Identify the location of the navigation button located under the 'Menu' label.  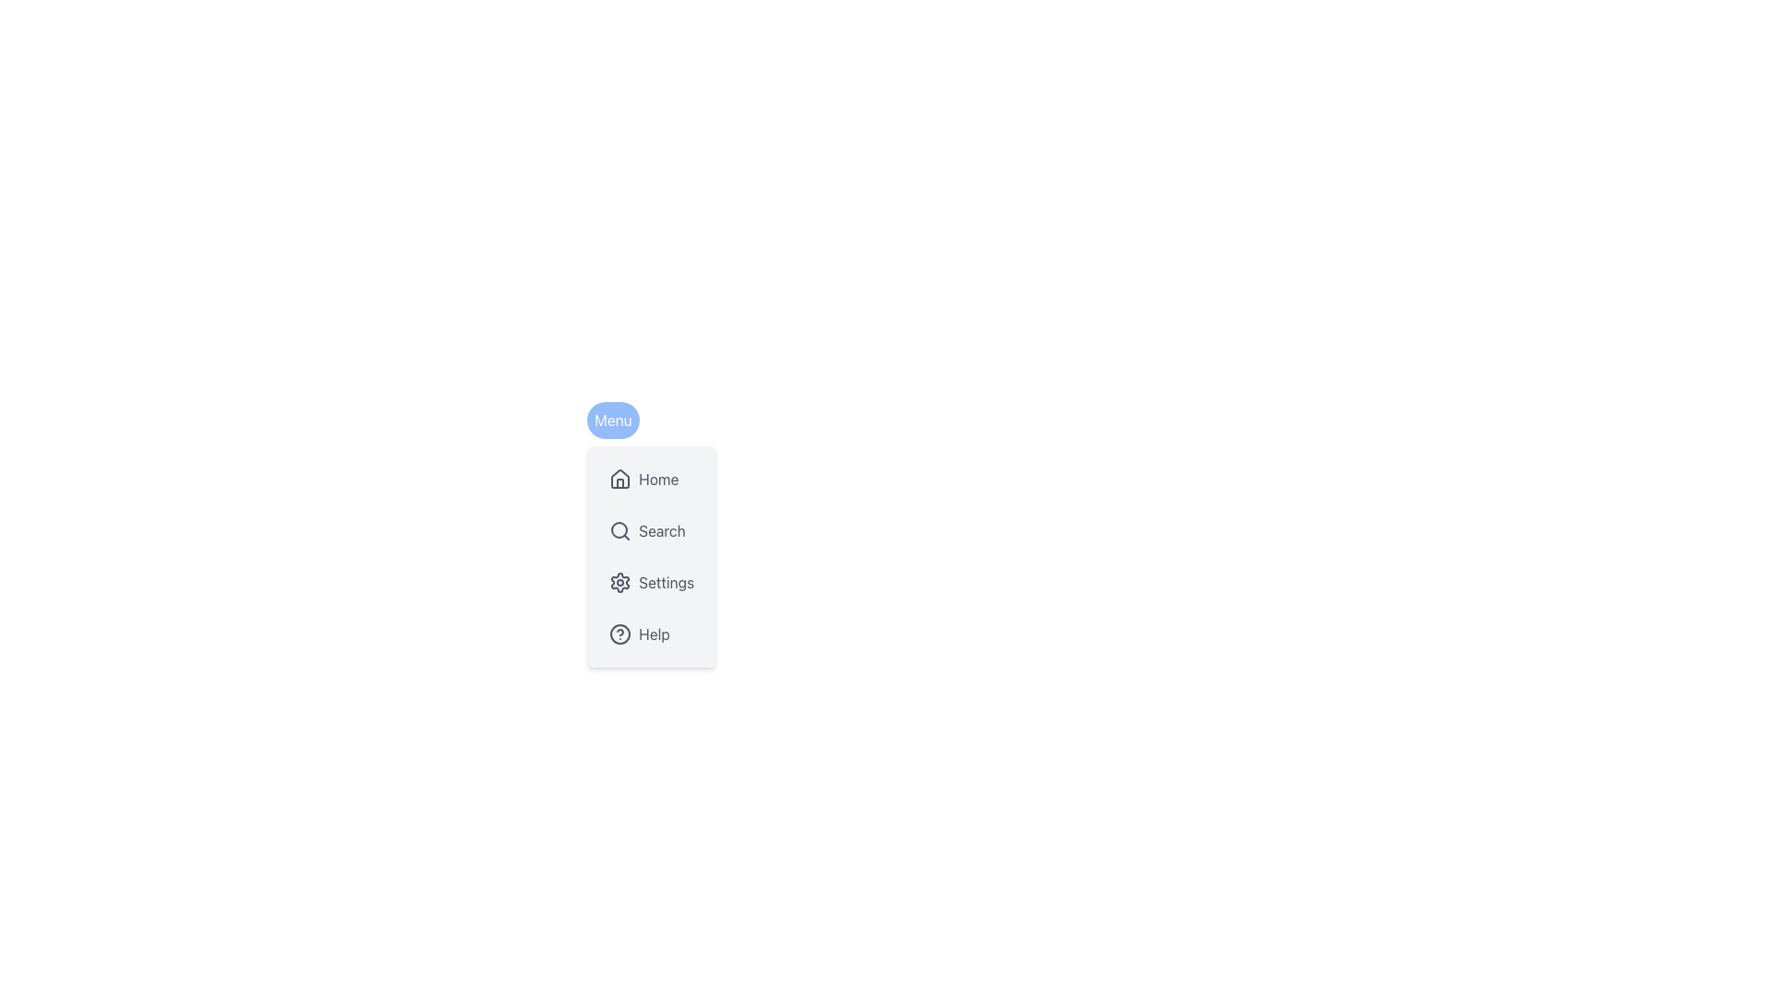
(652, 478).